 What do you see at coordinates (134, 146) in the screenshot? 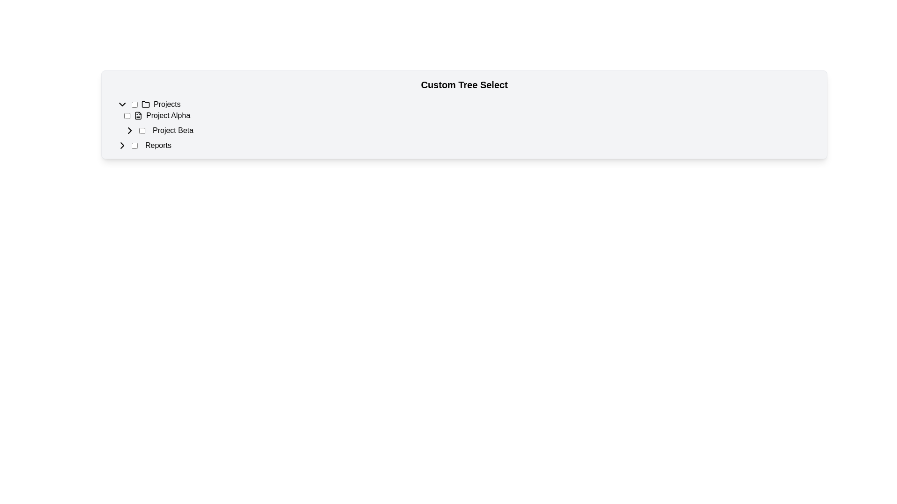
I see `the checkbox for 'Reports'` at bounding box center [134, 146].